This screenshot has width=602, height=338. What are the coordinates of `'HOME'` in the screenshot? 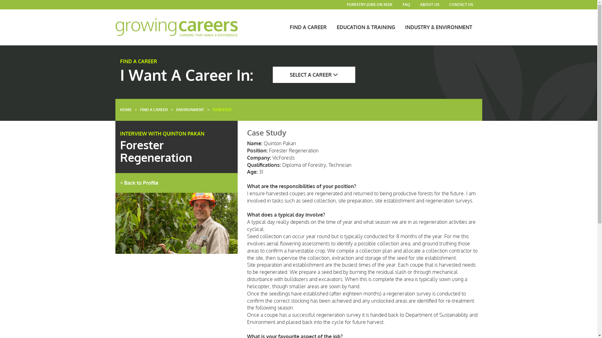 It's located at (120, 110).